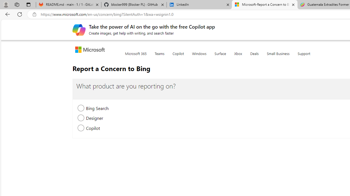 Image resolution: width=350 pixels, height=196 pixels. What do you see at coordinates (238, 57) in the screenshot?
I see `'Xbox'` at bounding box center [238, 57].